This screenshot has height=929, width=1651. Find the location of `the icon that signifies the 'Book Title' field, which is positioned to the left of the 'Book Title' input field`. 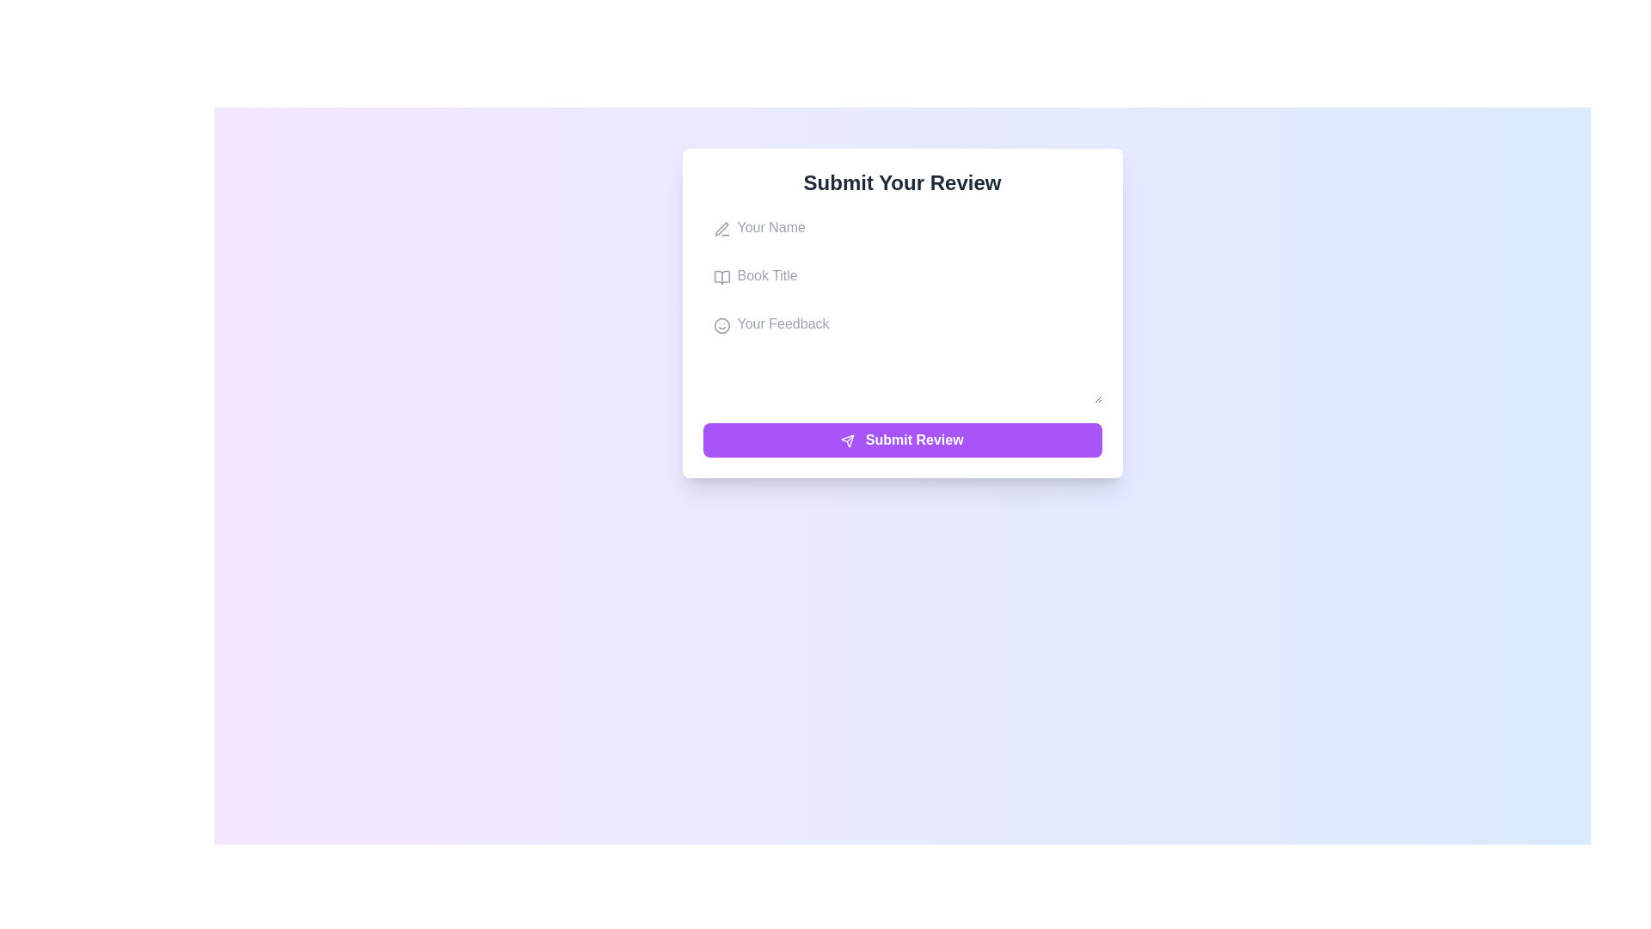

the icon that signifies the 'Book Title' field, which is positioned to the left of the 'Book Title' input field is located at coordinates (721, 277).